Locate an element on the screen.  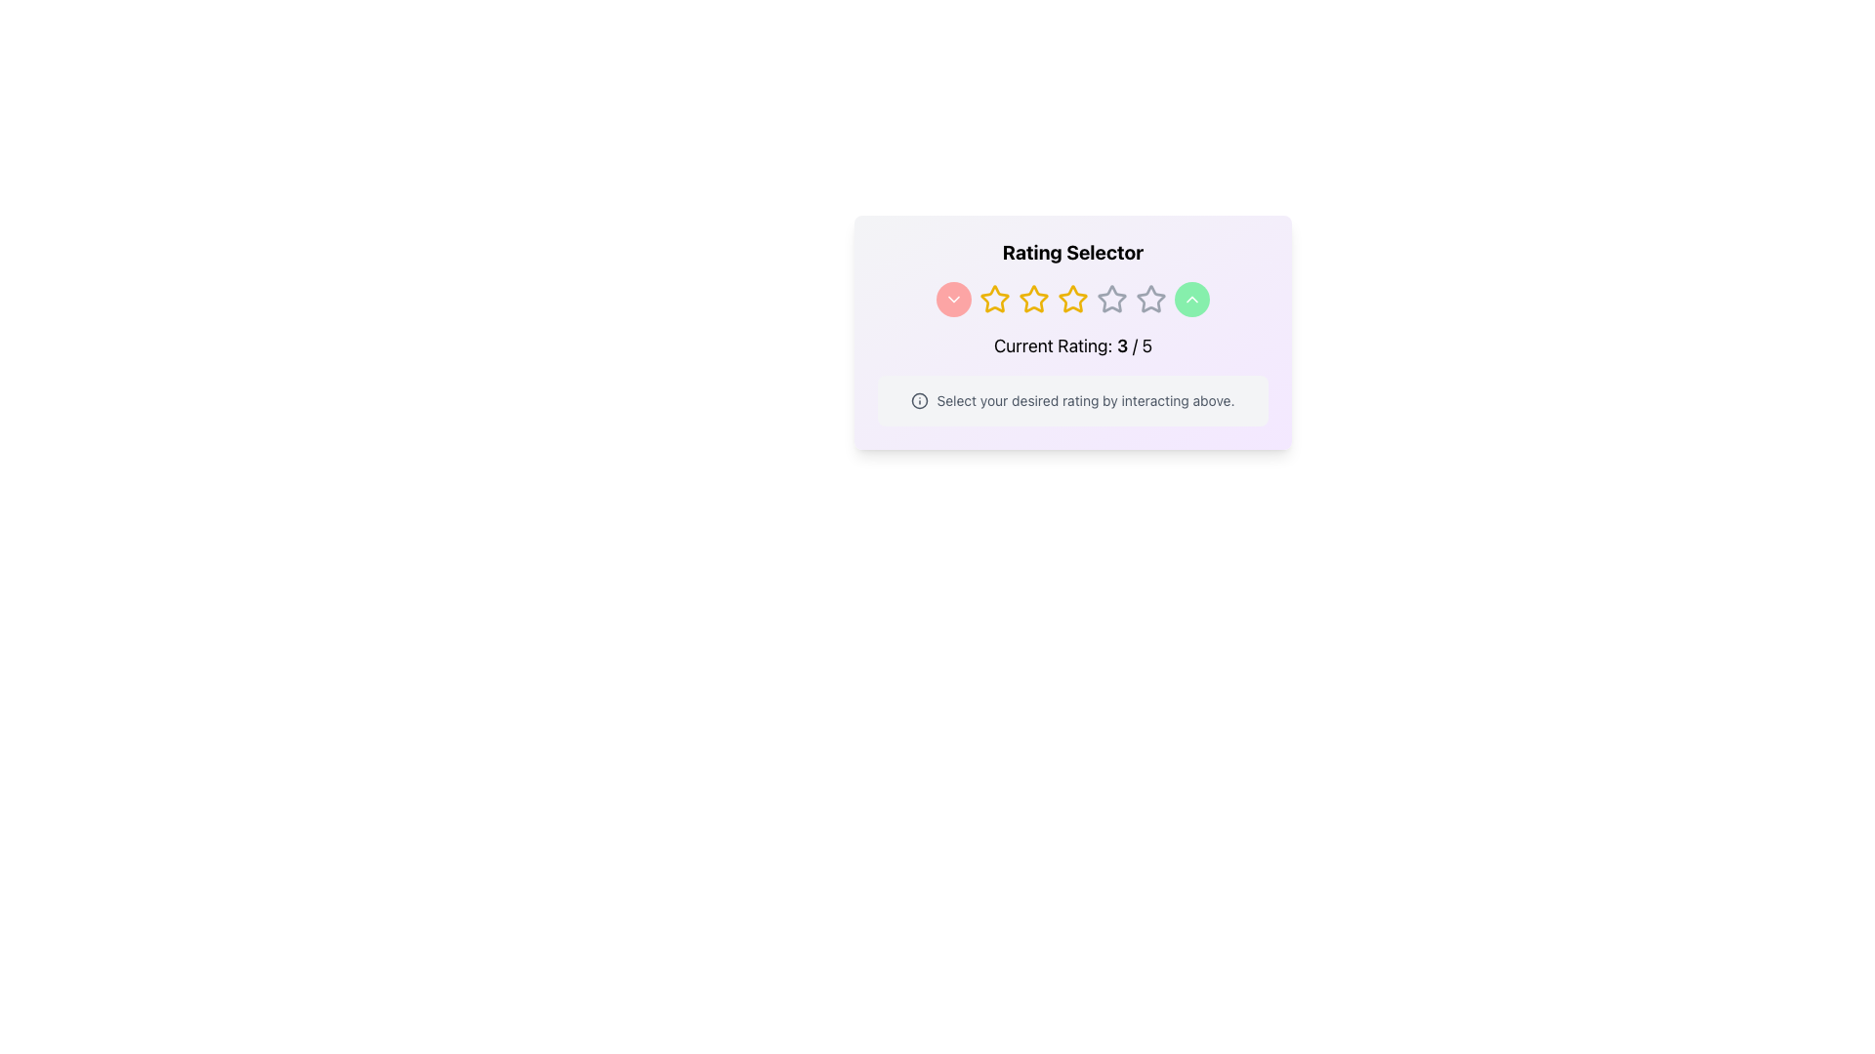
the second star-shaped icon in the Rating Selector panel, which has a yellow outline and white interior, indicating a selected state is located at coordinates (994, 299).